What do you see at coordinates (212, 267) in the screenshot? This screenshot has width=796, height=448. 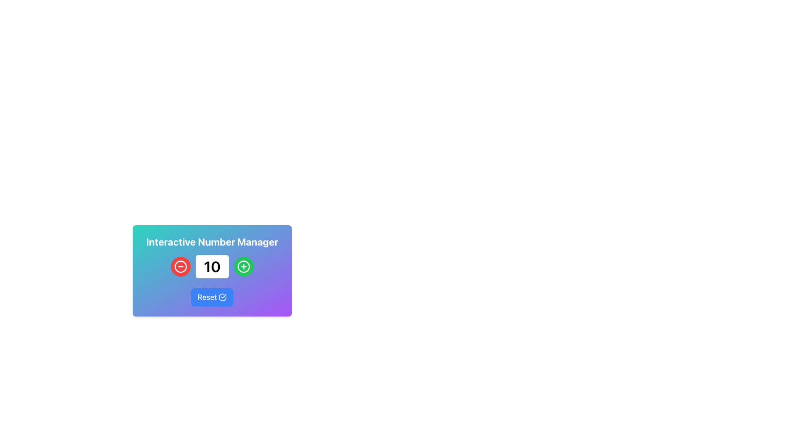 I see `text displayed in the Text Display UI component showing the number '10', which is centered within the 'Interactive Number Manager' section` at bounding box center [212, 267].